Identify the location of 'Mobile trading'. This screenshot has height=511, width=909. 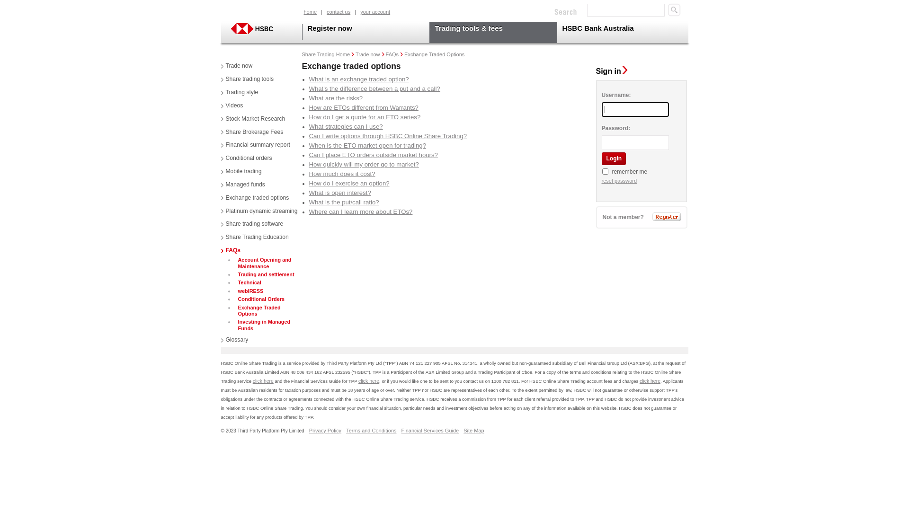
(241, 171).